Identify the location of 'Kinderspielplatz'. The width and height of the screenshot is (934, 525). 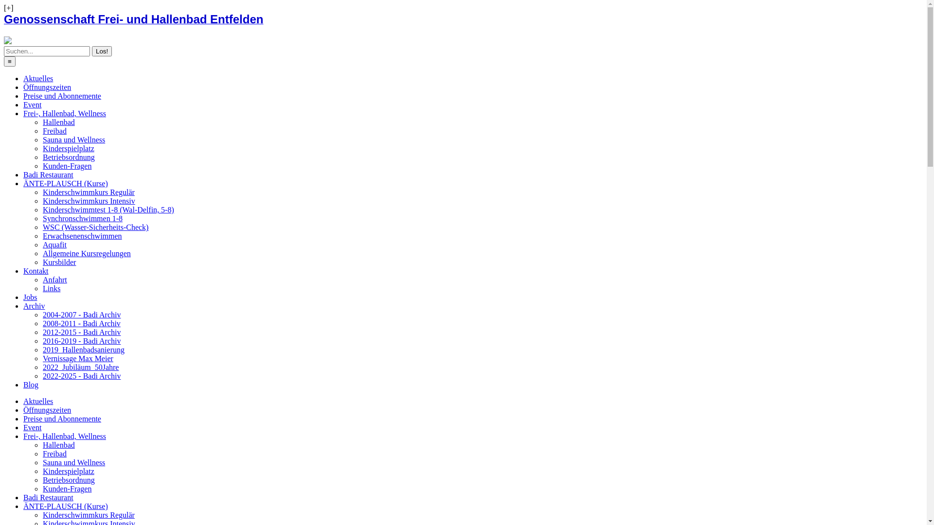
(68, 471).